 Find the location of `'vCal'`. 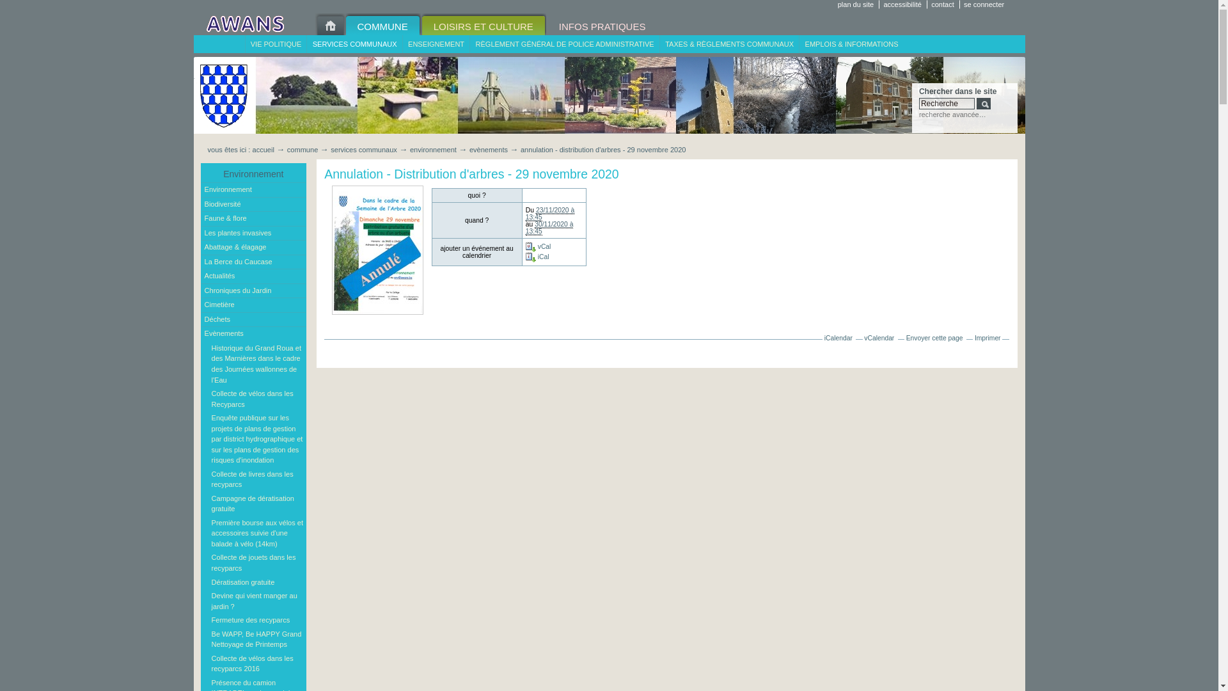

'vCal' is located at coordinates (538, 246).